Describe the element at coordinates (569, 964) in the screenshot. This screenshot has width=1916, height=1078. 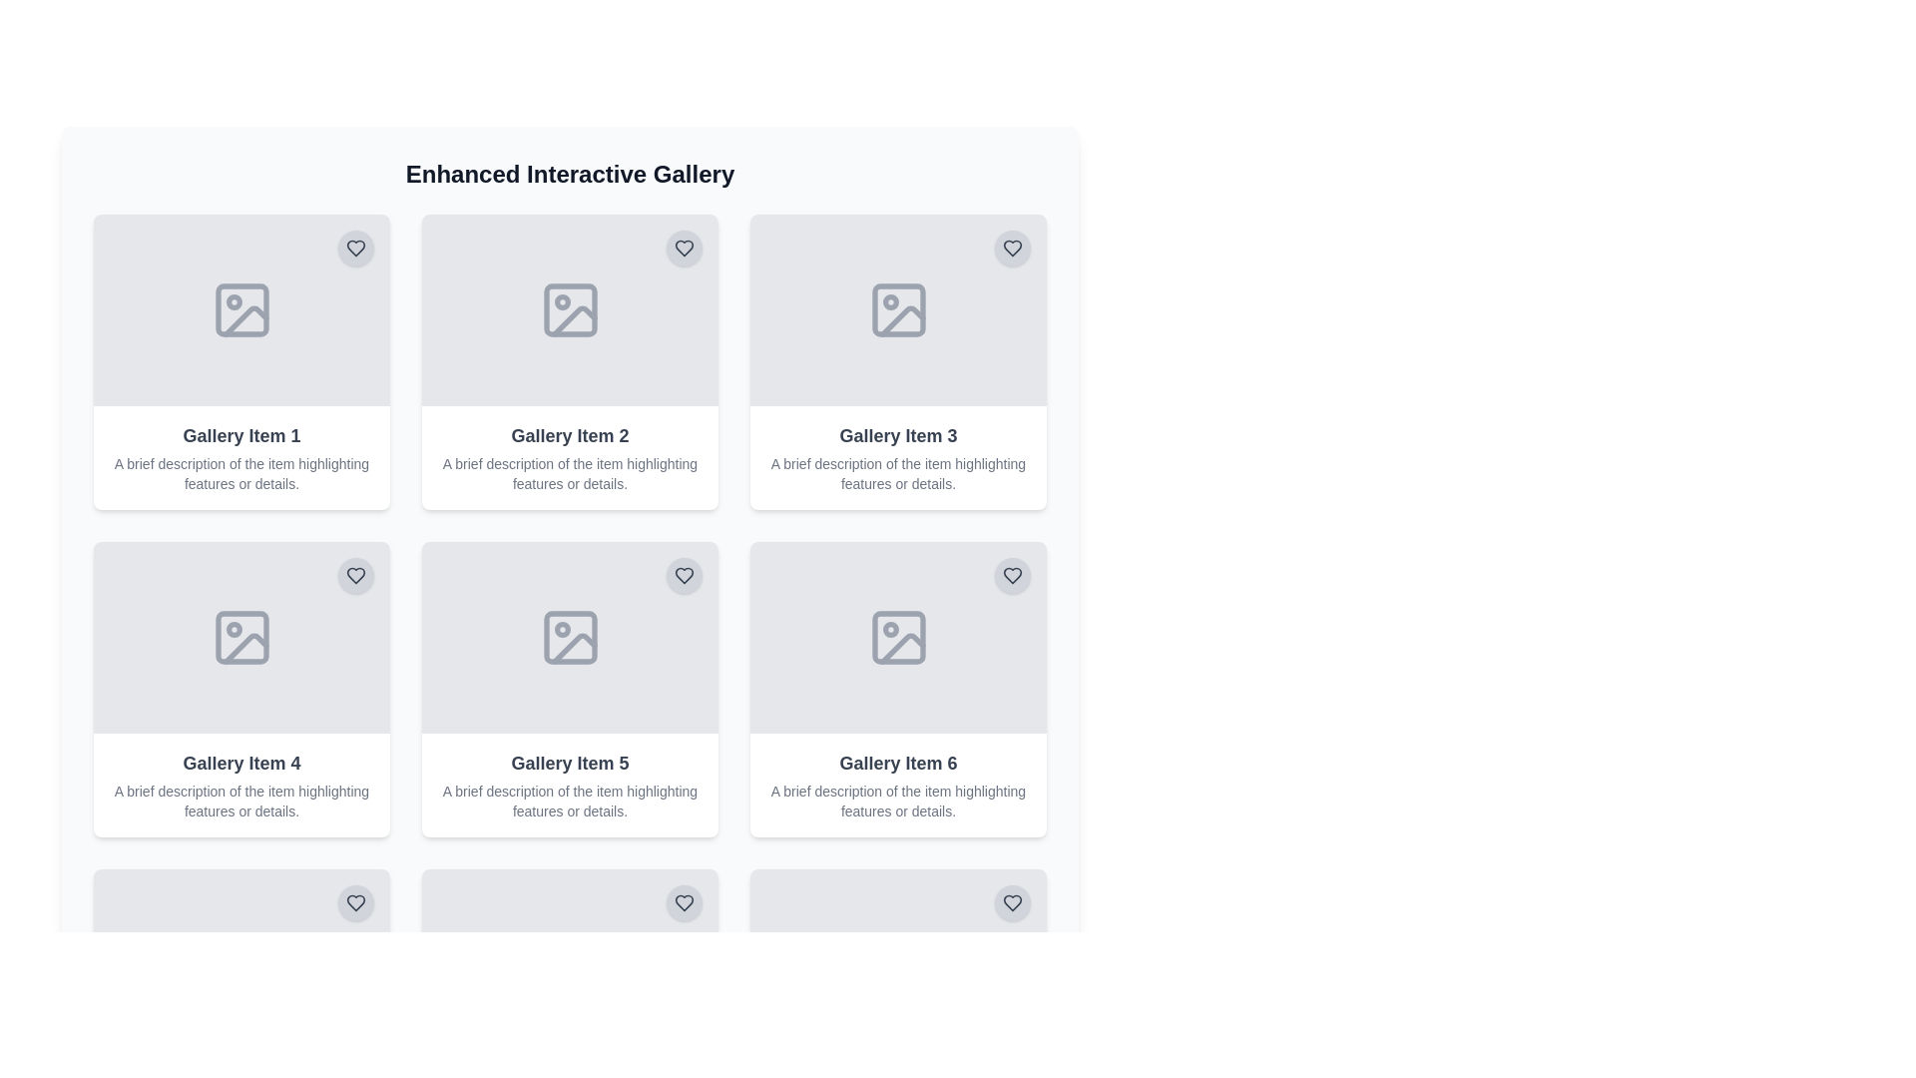
I see `the heart button located in the top-right corner of the composite UI component with a light gray background and rounded borders, which is part of 'Gallery Item 8'` at that location.